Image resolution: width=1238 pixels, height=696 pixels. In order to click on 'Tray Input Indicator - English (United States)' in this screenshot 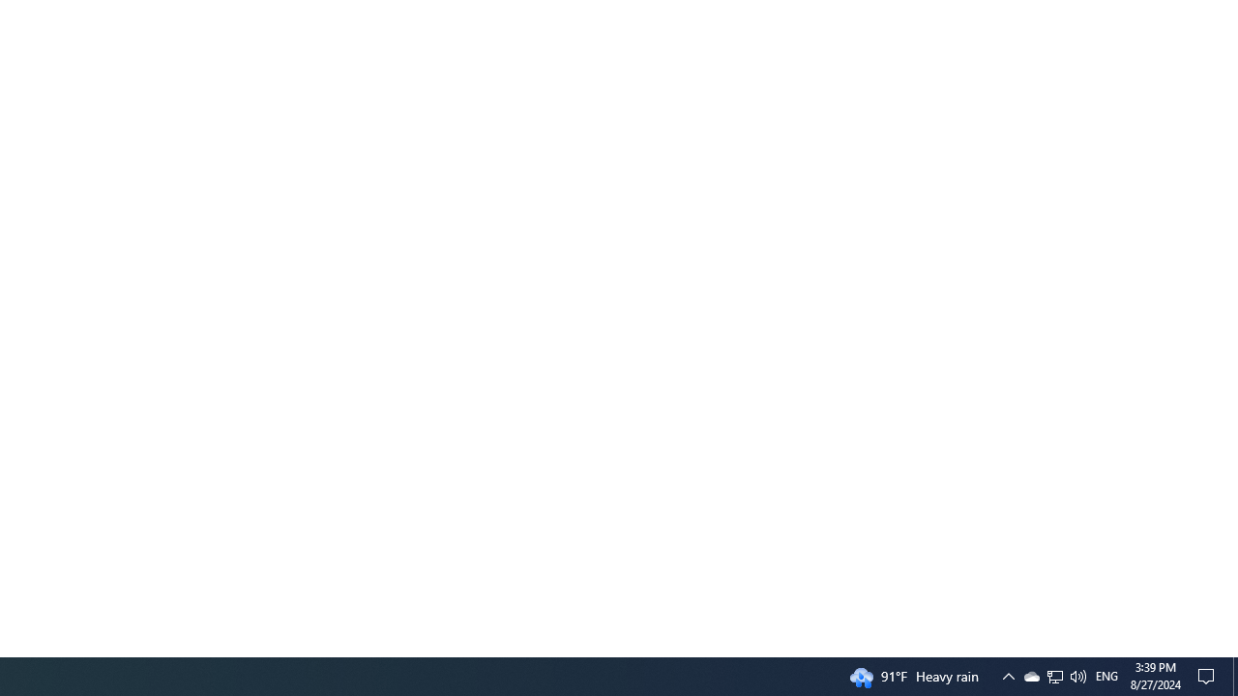, I will do `click(1106, 675)`.